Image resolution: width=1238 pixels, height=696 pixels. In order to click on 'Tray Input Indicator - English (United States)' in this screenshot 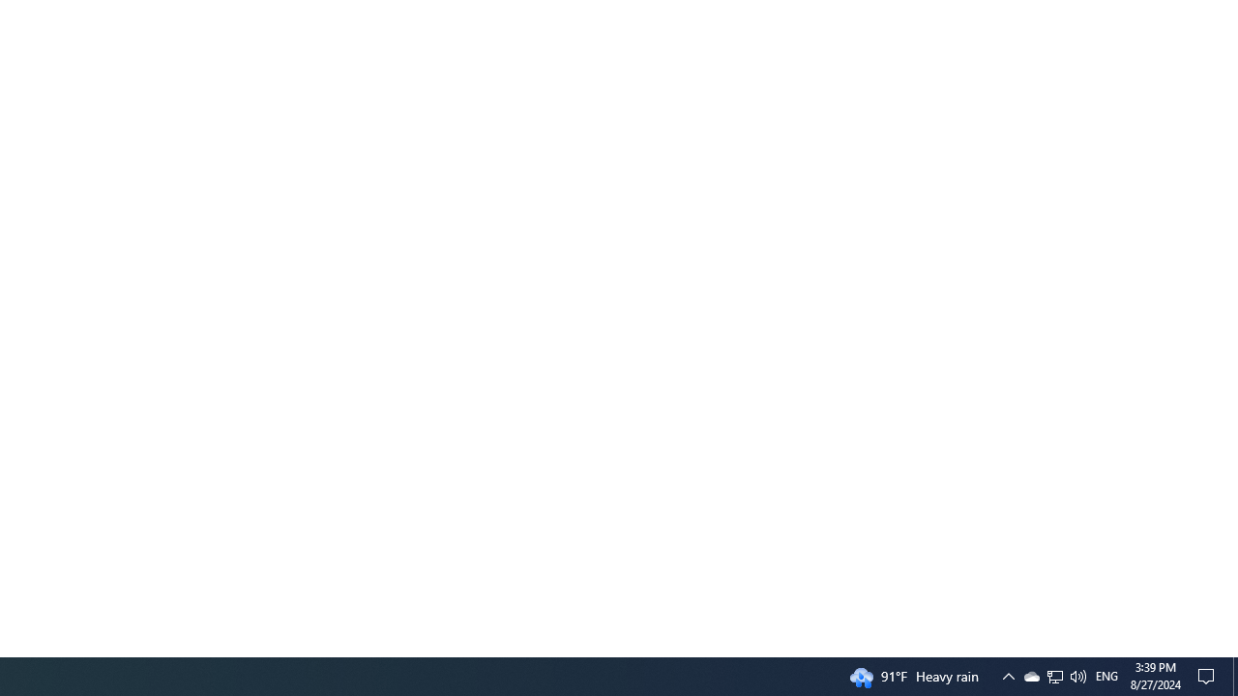, I will do `click(1106, 675)`.